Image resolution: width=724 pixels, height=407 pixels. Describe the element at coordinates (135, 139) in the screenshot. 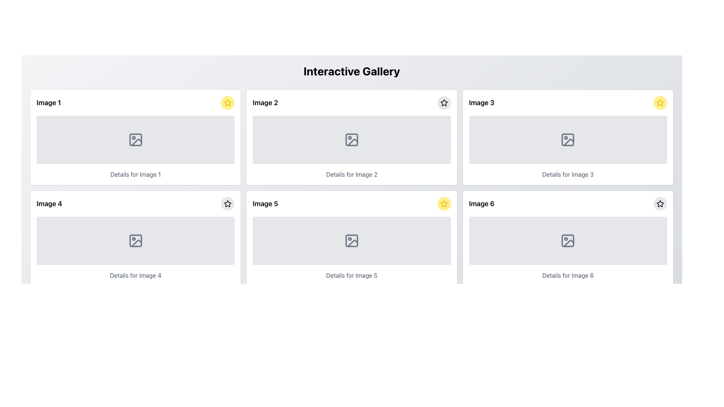

I see `the SVG icon element representing a missing image within the 'Image 1' panel located in the top-left corner of the gallery grid layout` at that location.